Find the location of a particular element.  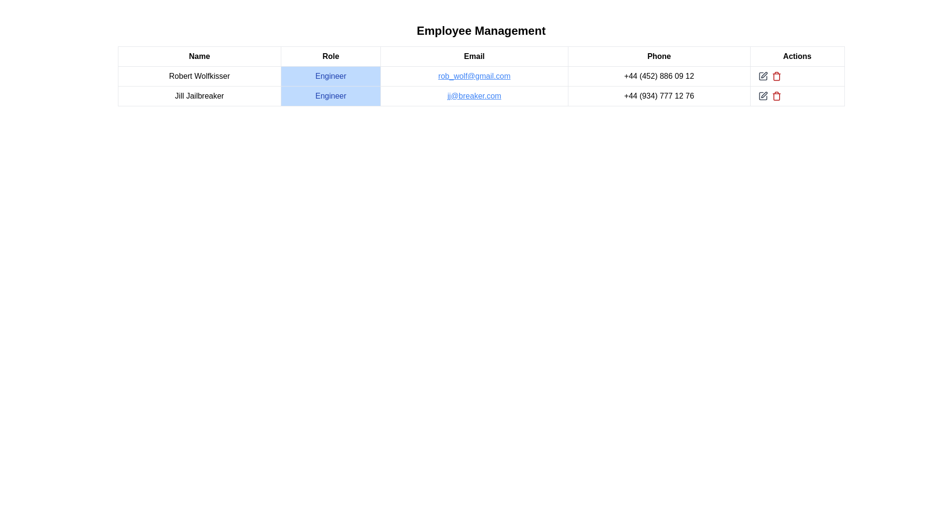

the Table Header Cell for the 'Actions' column, which is the fifth column header in the table is located at coordinates (797, 56).